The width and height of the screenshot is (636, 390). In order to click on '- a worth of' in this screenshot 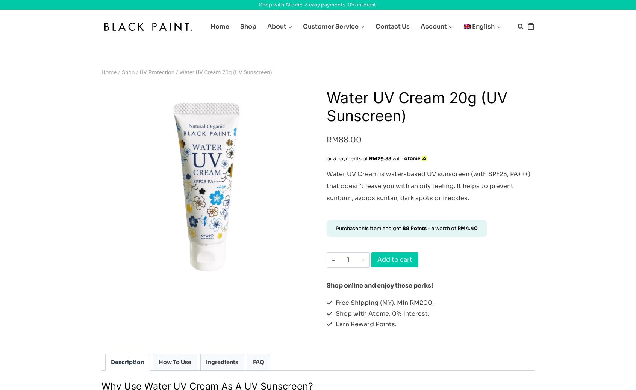, I will do `click(441, 228)`.